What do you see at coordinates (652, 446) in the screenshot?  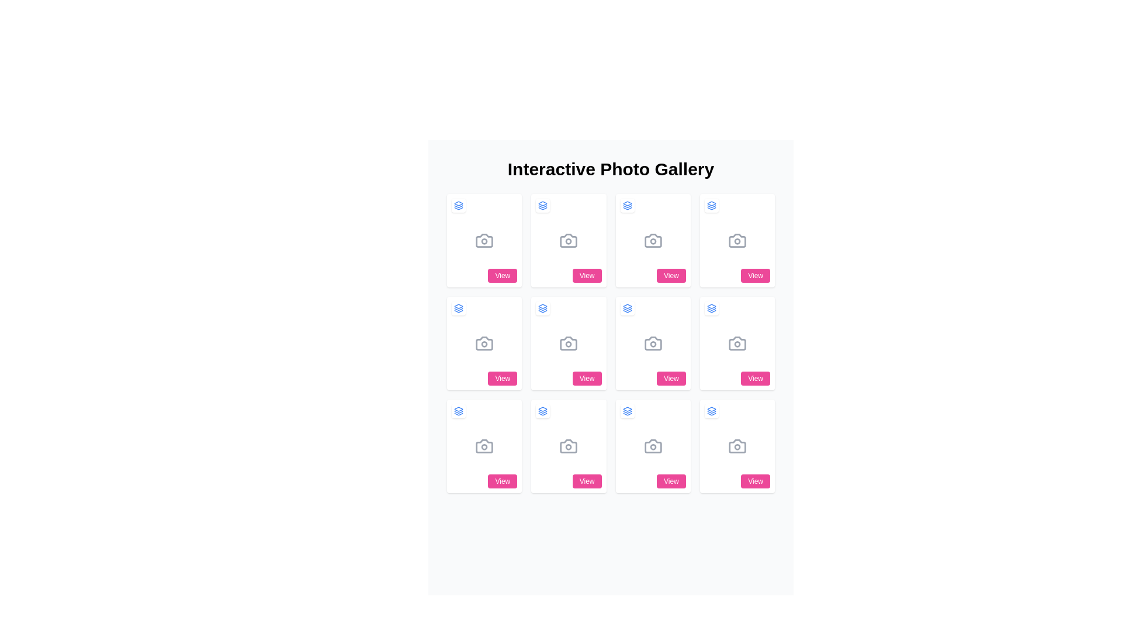 I see `the camera icon in the 10th image placeholder of the interactive photo gallery, located in the second column and fourth row` at bounding box center [652, 446].